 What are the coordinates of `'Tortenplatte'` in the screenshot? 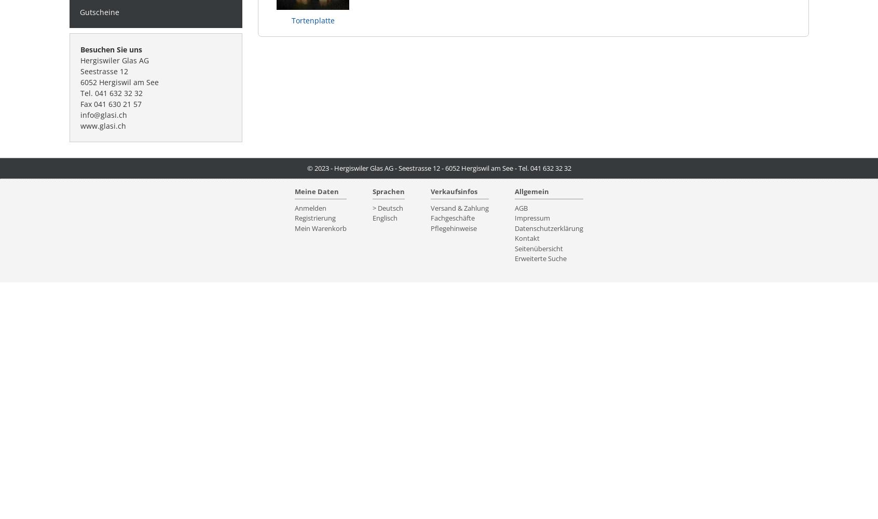 It's located at (312, 20).